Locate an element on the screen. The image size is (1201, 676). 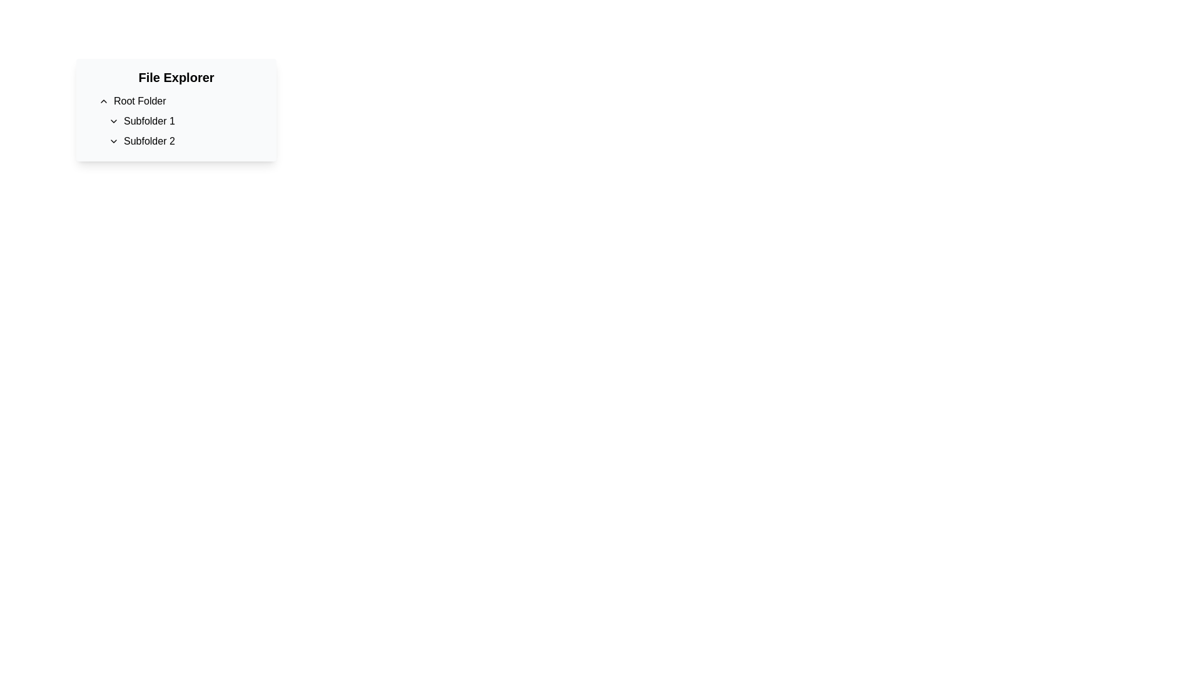
the text label representing the subfolder named 'Subfolder 1' in the file explorer view is located at coordinates (149, 121).